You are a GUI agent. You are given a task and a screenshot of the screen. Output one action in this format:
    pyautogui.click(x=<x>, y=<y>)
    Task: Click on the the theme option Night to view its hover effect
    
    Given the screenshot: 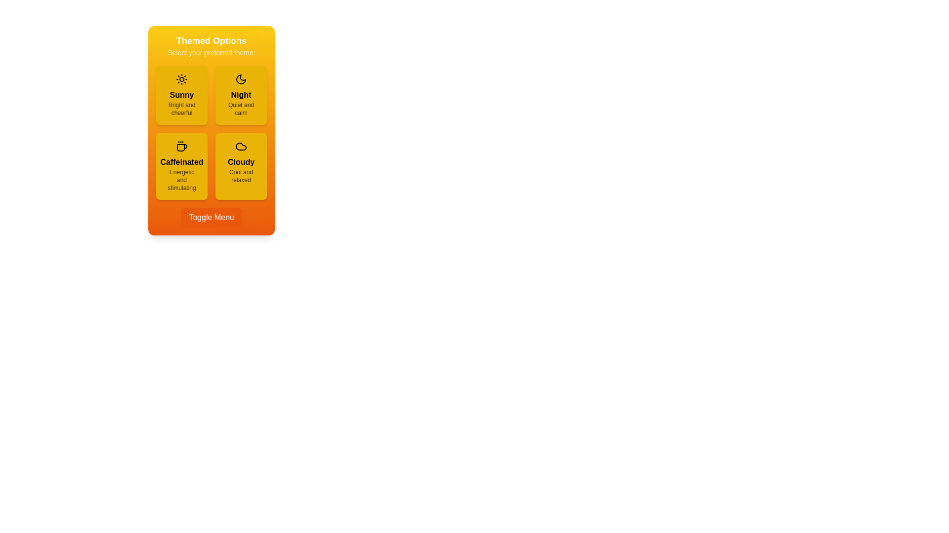 What is the action you would take?
    pyautogui.click(x=241, y=95)
    